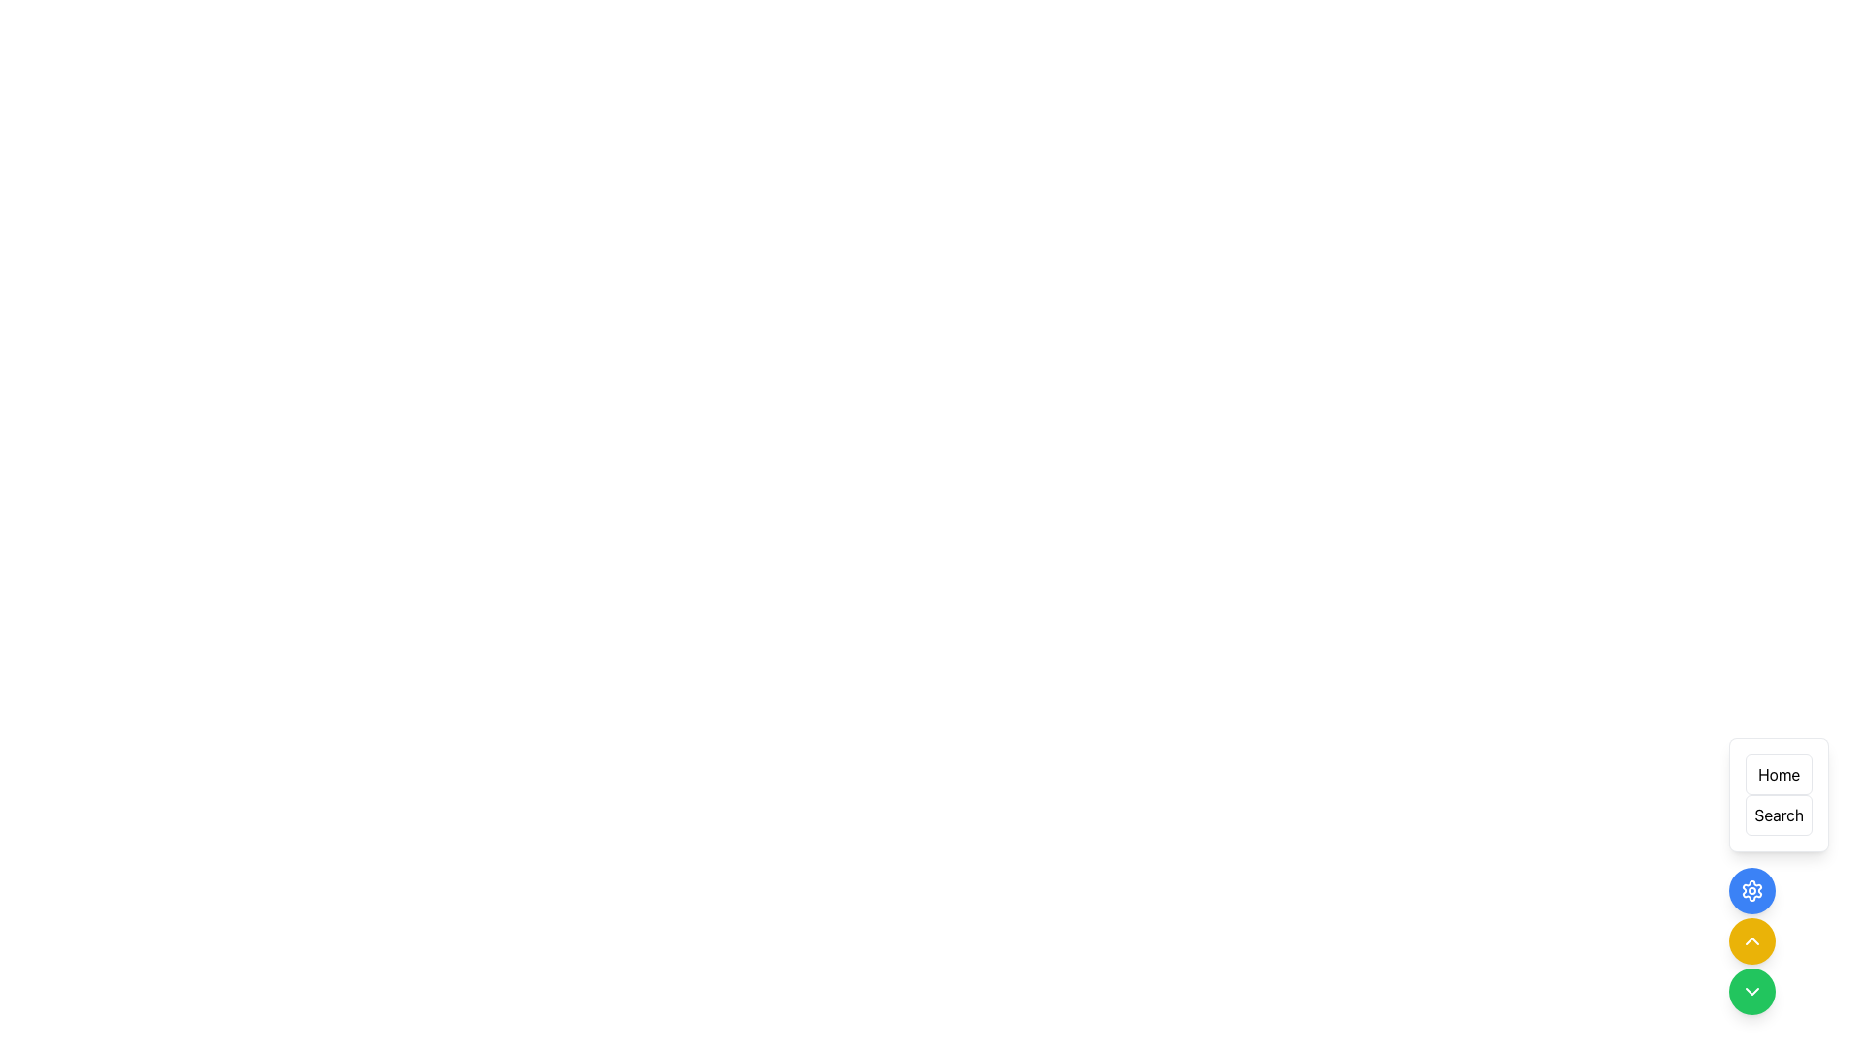 The width and height of the screenshot is (1860, 1046). Describe the element at coordinates (1779, 773) in the screenshot. I see `the text label 'Home' in the sidebar menu` at that location.